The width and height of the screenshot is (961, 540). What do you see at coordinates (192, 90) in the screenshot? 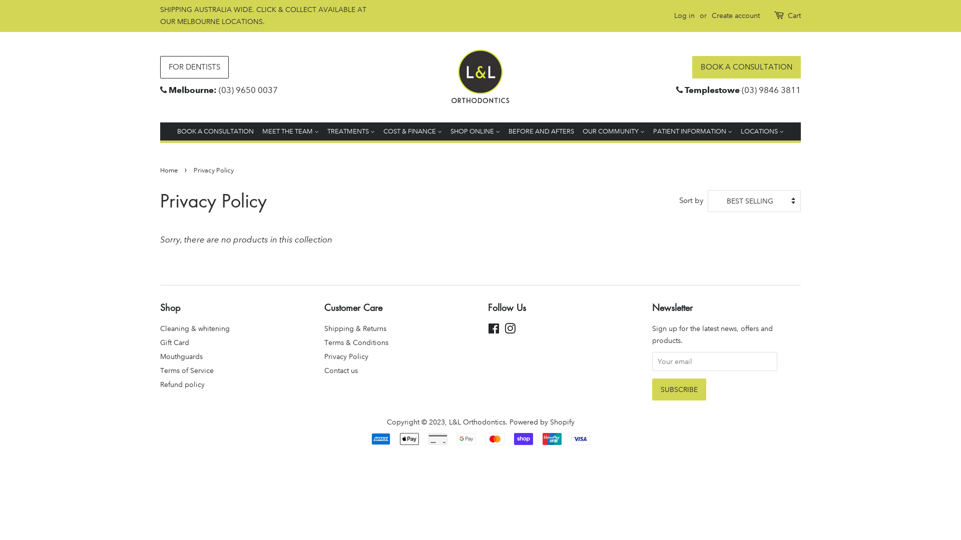
I see `'Melbourne:'` at bounding box center [192, 90].